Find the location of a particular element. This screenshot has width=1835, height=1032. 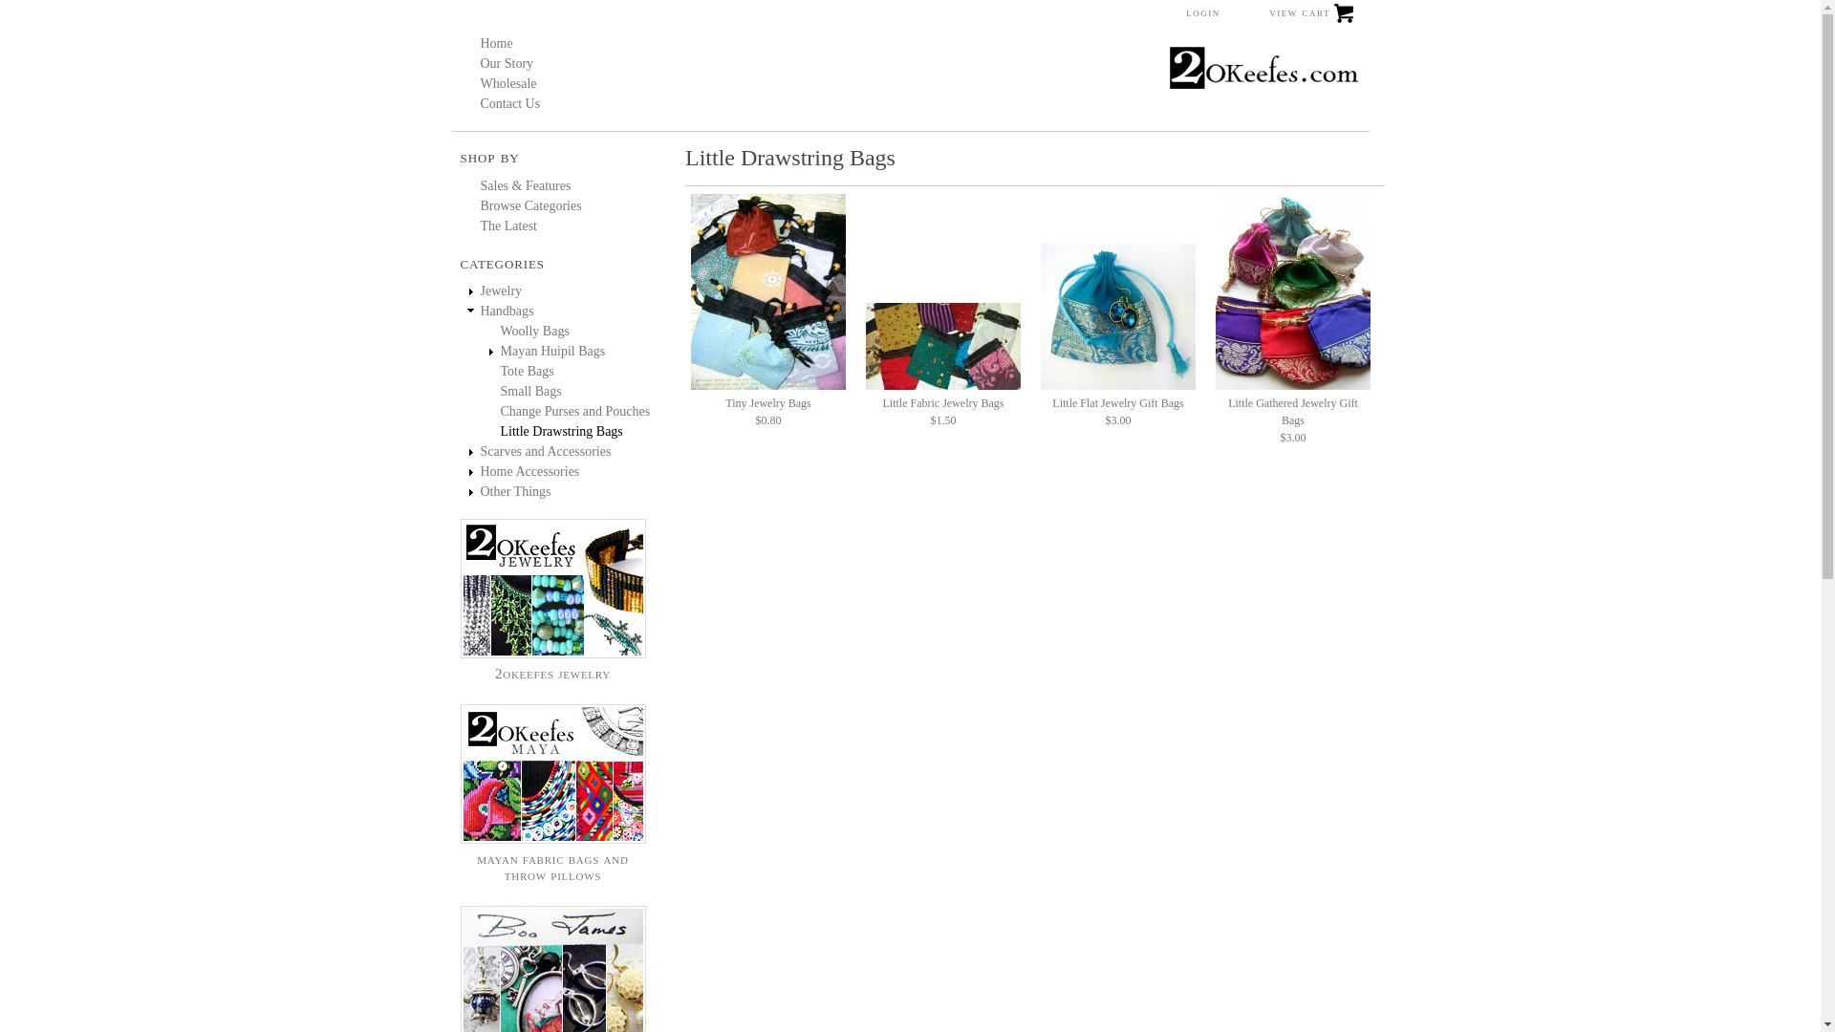

'Little Flat Jewelry Gift Bags is located at coordinates (1118, 403).